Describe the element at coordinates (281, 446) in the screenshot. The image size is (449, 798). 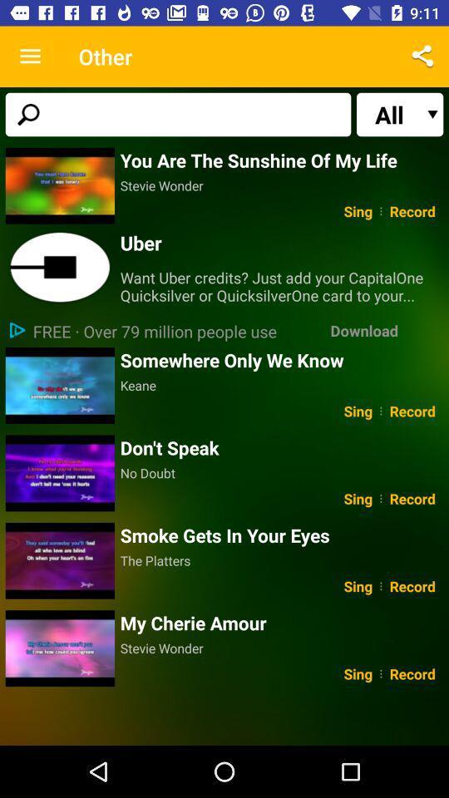
I see `the icon below the sing item` at that location.